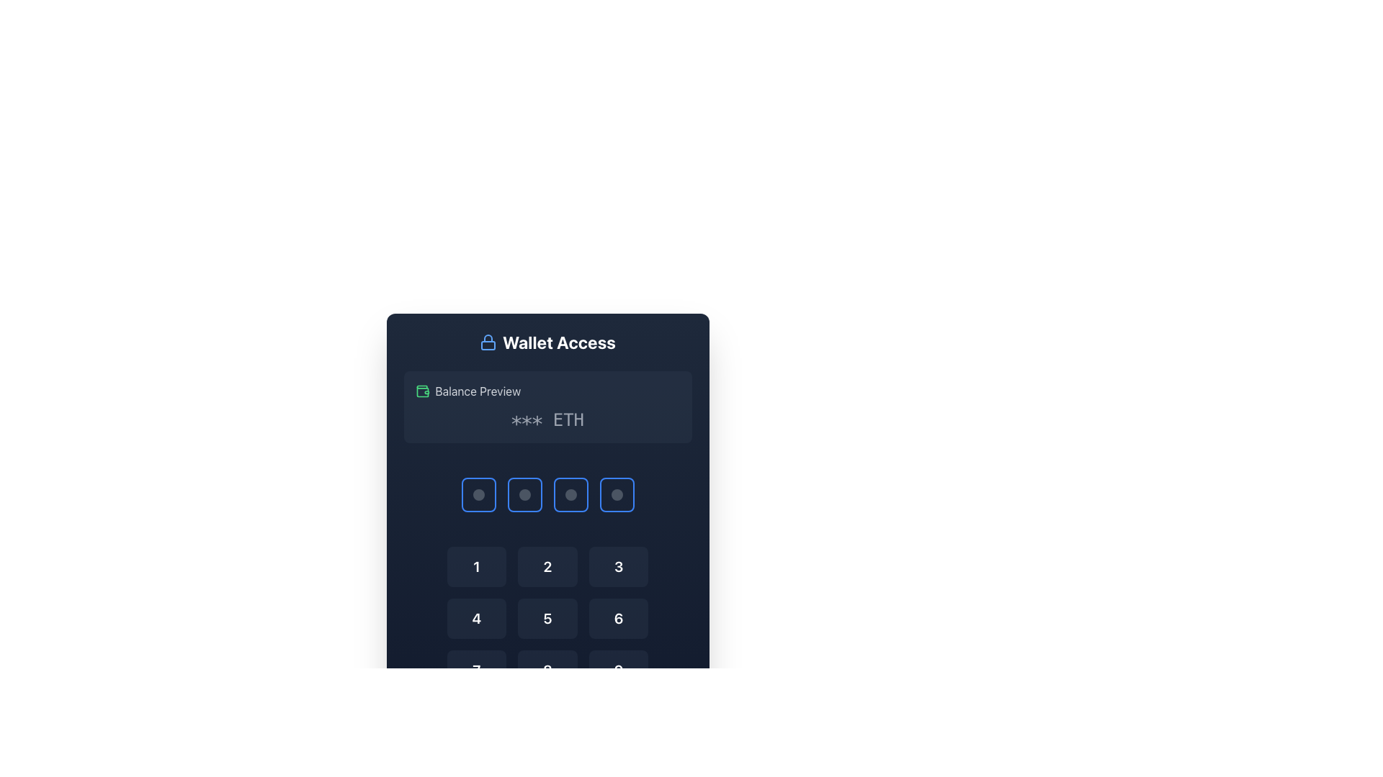  What do you see at coordinates (488, 345) in the screenshot?
I see `the lower rectangular portion of the padlock icon, which symbolizes security, situated beside the text 'Wallet Access'` at bounding box center [488, 345].